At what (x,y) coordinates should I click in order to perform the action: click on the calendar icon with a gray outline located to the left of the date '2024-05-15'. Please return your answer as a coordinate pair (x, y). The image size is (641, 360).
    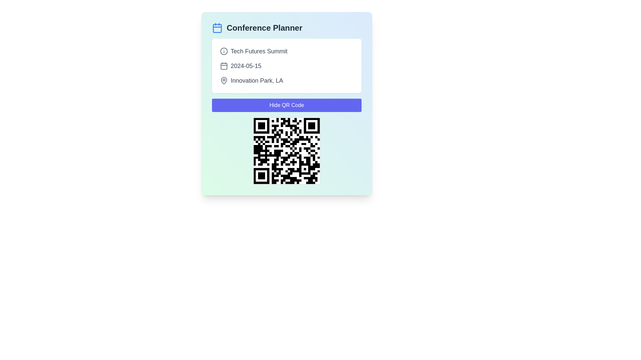
    Looking at the image, I should click on (224, 66).